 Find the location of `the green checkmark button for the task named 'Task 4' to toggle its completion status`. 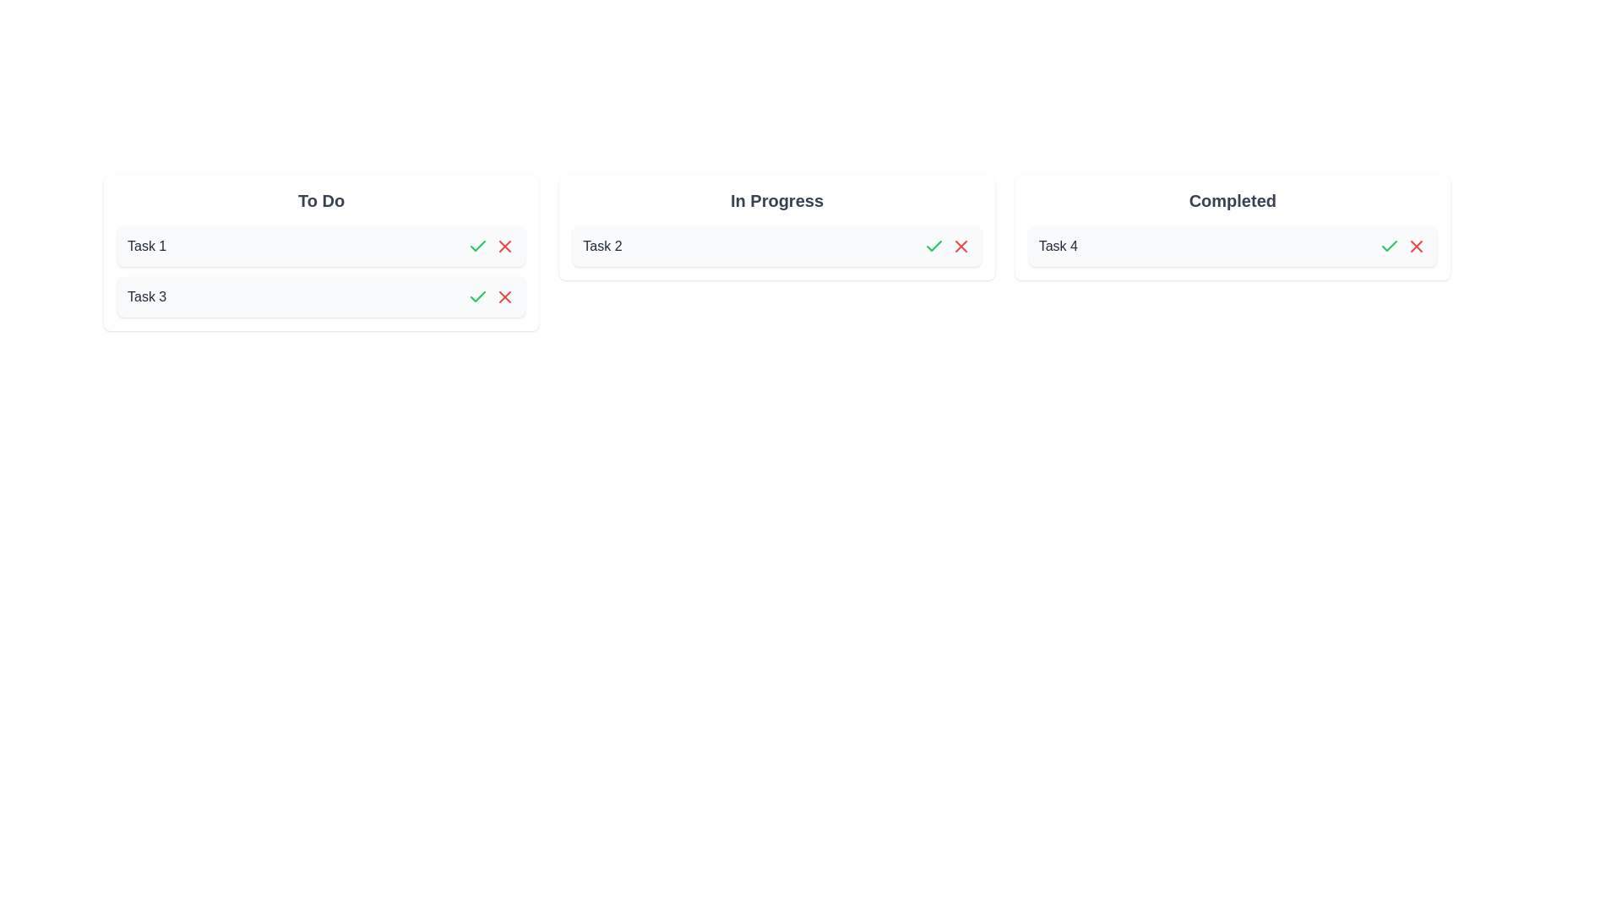

the green checkmark button for the task named 'Task 4' to toggle its completion status is located at coordinates (1390, 247).